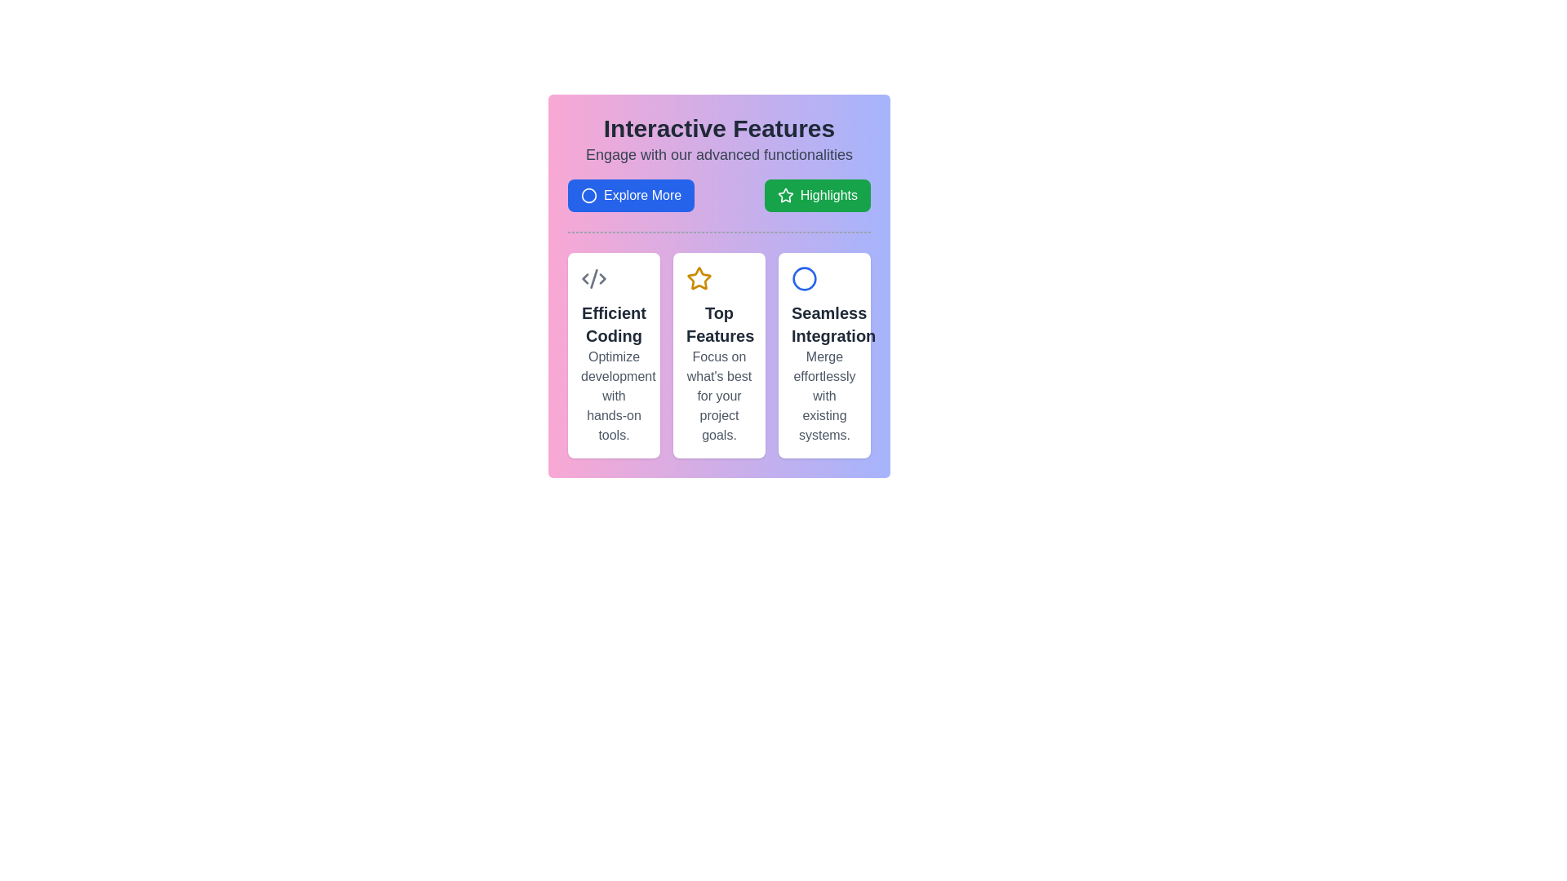 The image size is (1567, 881). Describe the element at coordinates (824, 396) in the screenshot. I see `the explanatory text element located beneath the 'Seamless Integration' heading in the rightmost card` at that location.